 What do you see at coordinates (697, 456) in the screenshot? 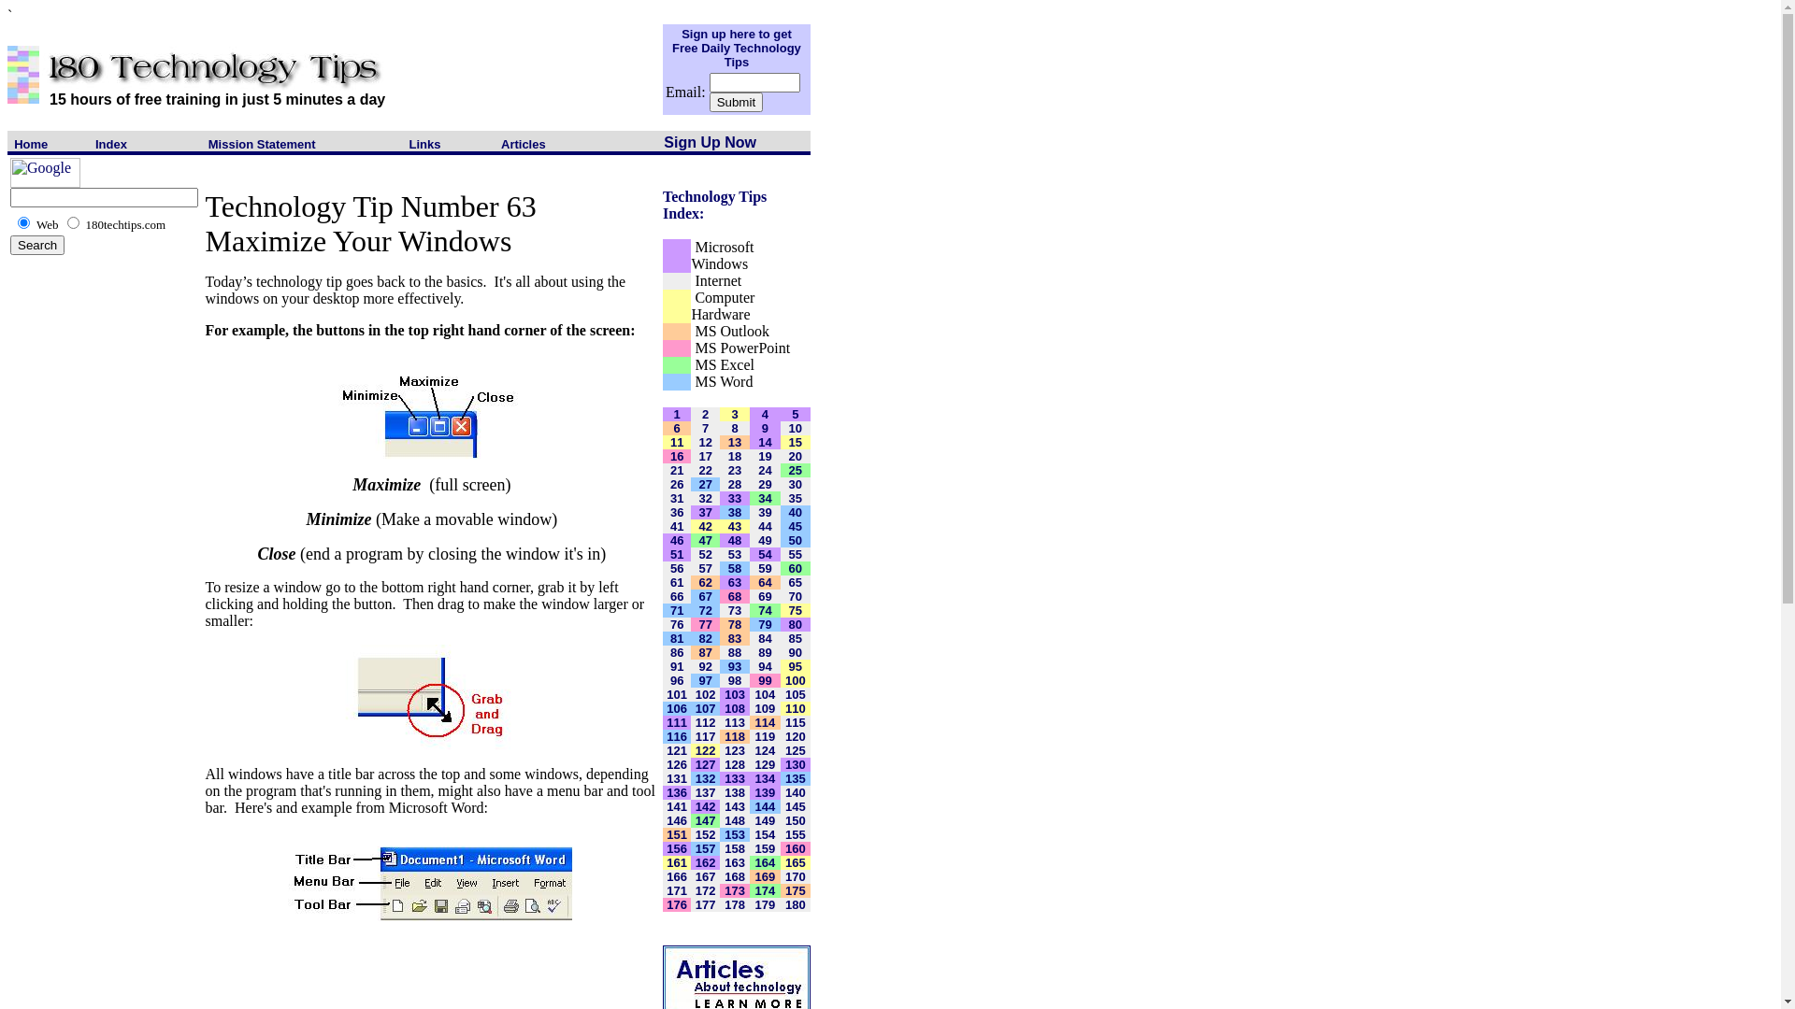
I see `'17'` at bounding box center [697, 456].